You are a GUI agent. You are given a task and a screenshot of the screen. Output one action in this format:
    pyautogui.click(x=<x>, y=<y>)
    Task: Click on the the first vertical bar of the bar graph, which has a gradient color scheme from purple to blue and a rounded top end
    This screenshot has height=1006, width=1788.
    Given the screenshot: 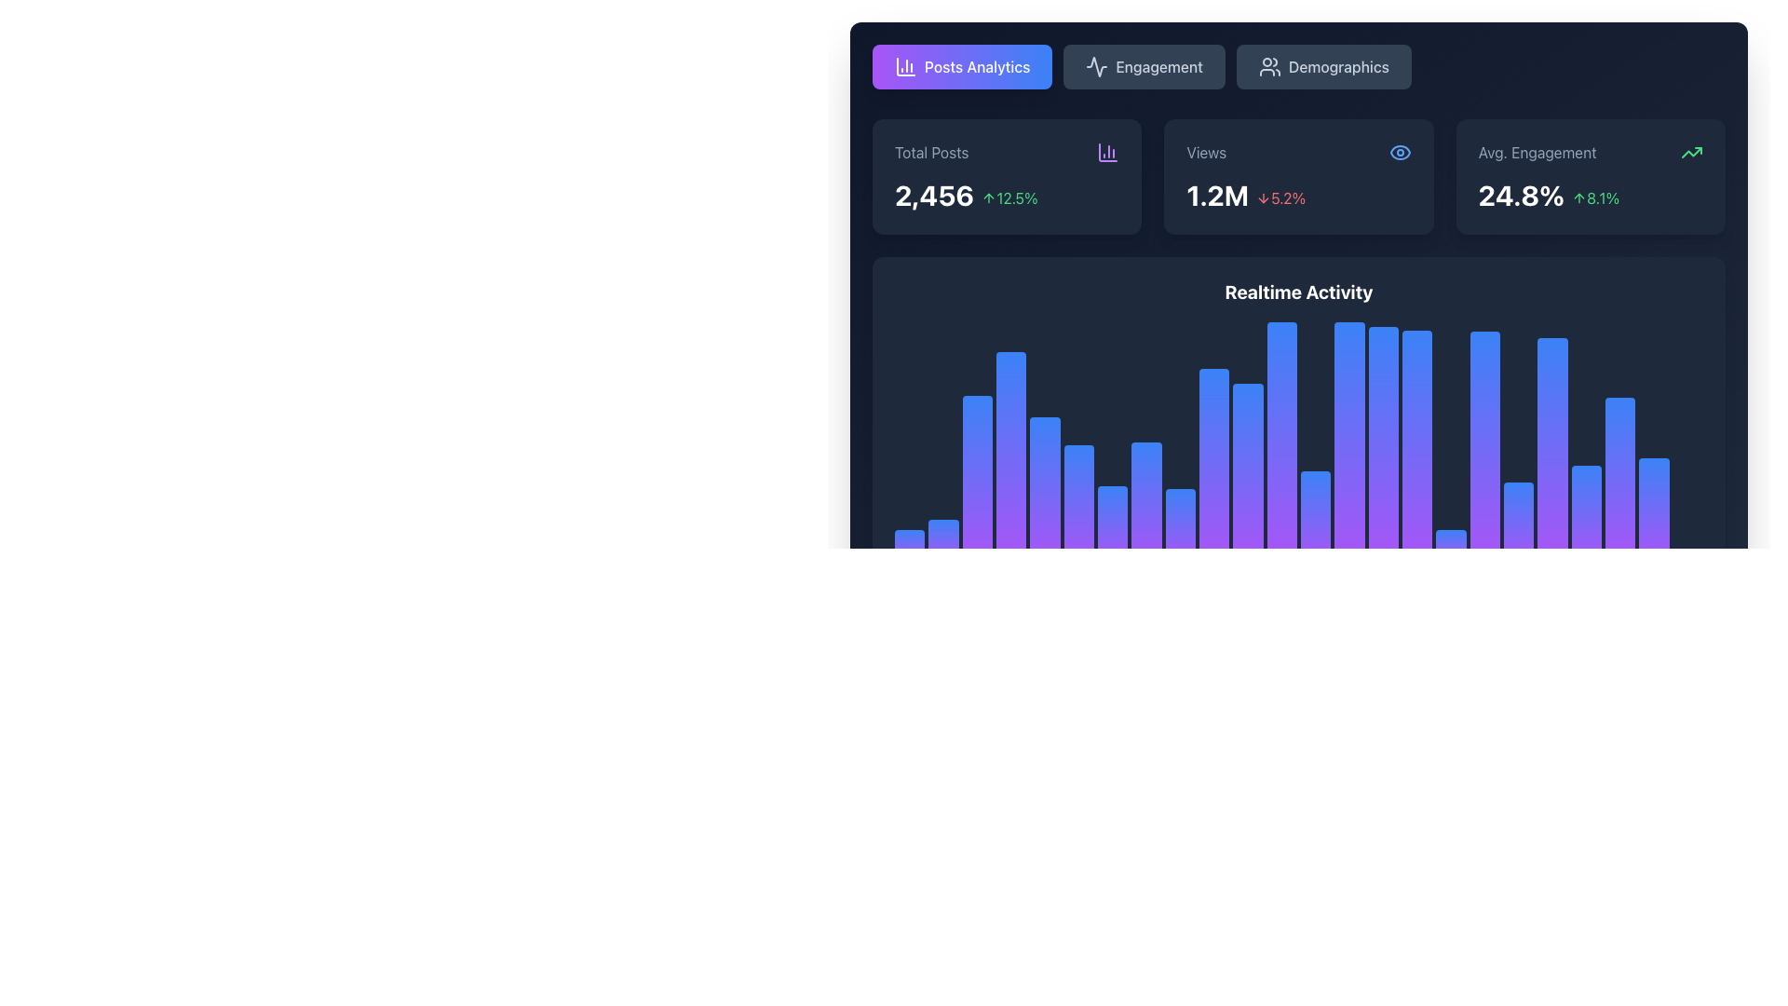 What is the action you would take?
    pyautogui.click(x=910, y=551)
    